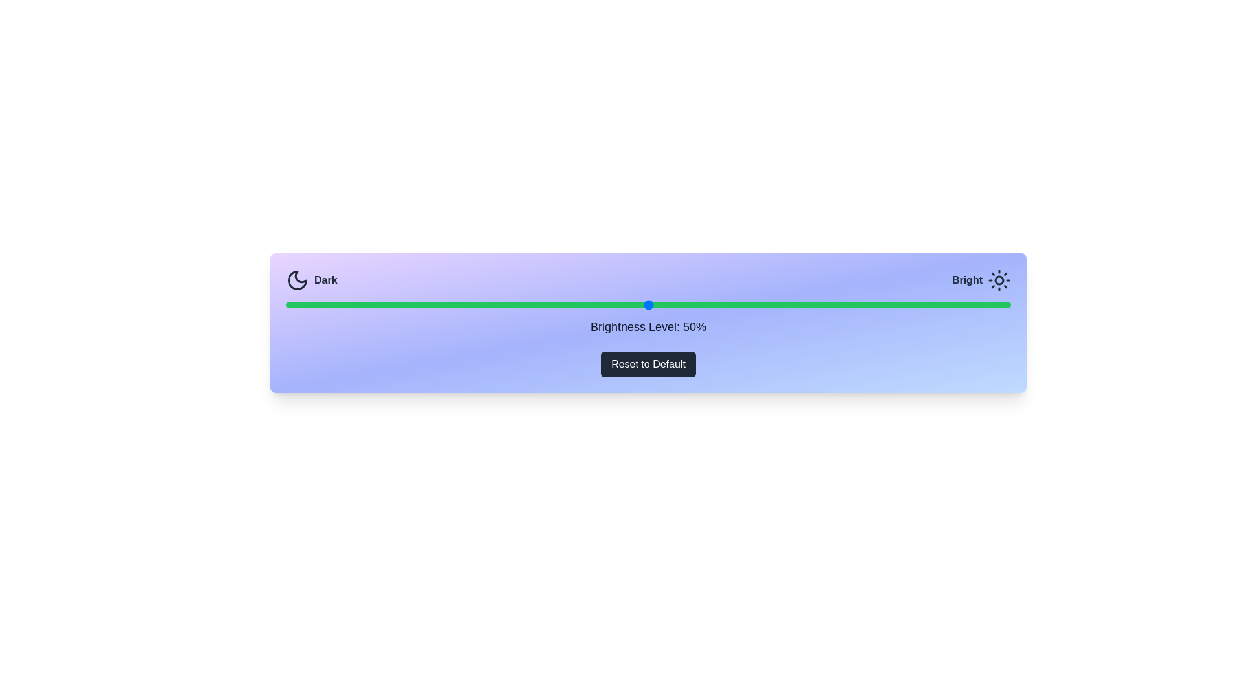 This screenshot has width=1242, height=698. I want to click on the brightness slider to 67%, so click(772, 304).